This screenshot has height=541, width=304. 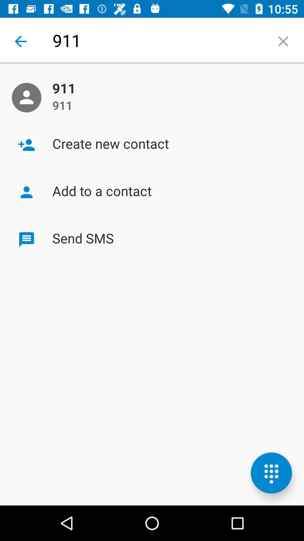 What do you see at coordinates (271, 473) in the screenshot?
I see `the dialpad icon` at bounding box center [271, 473].